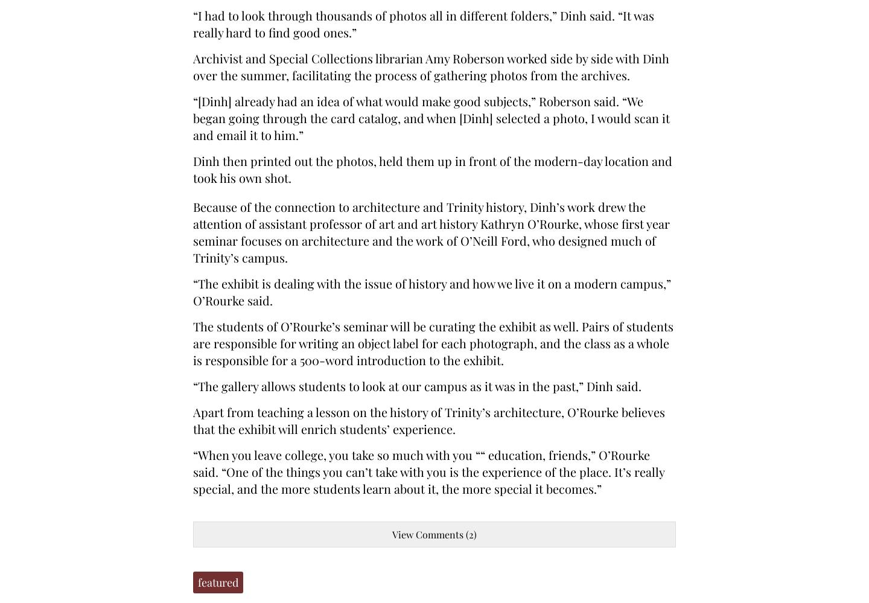 The width and height of the screenshot is (869, 603). Describe the element at coordinates (217, 582) in the screenshot. I see `'featured'` at that location.